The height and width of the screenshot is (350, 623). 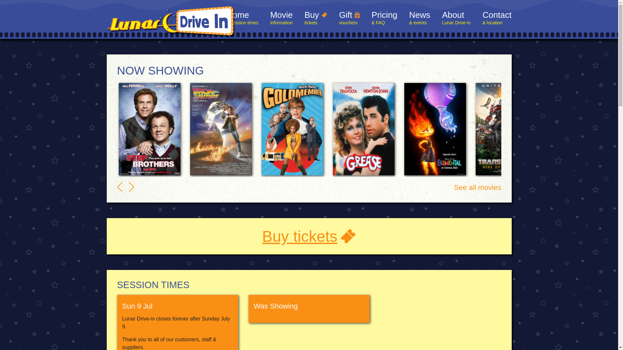 I want to click on 'Buy, so click(x=316, y=18).